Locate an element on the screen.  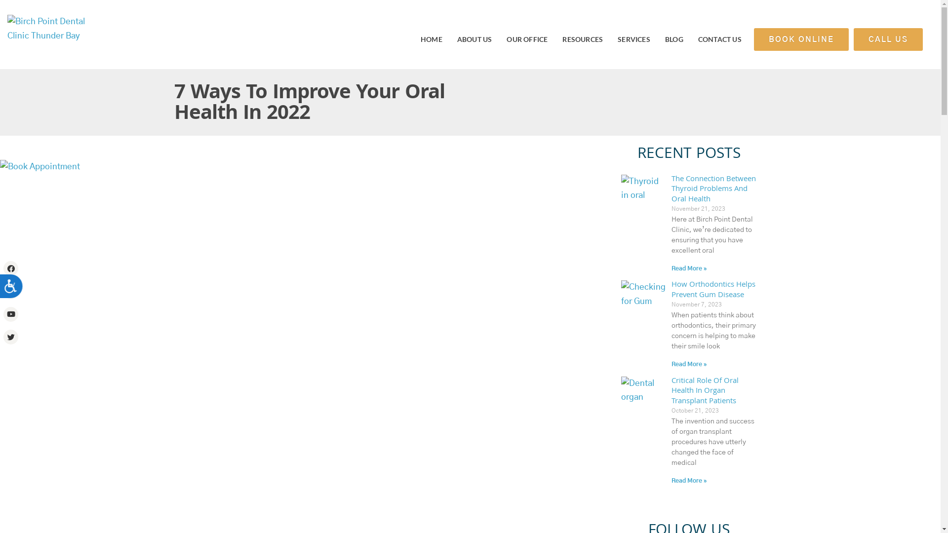
'BLOG' is located at coordinates (673, 38).